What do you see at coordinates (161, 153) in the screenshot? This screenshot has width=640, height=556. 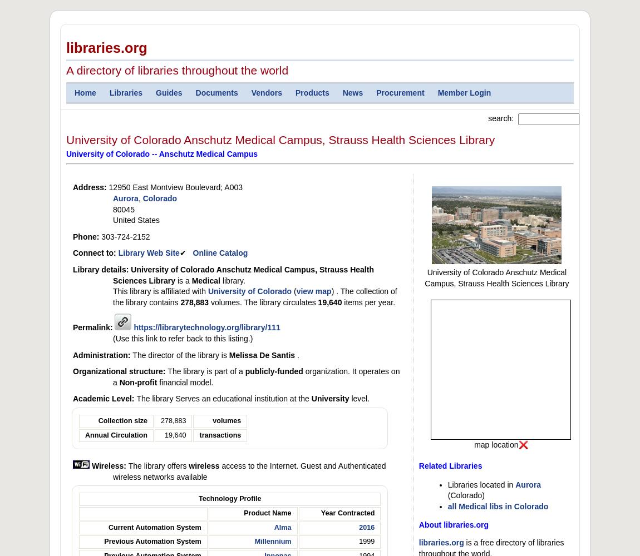 I see `'University of Colorado -- Anschutz Medical Campus'` at bounding box center [161, 153].